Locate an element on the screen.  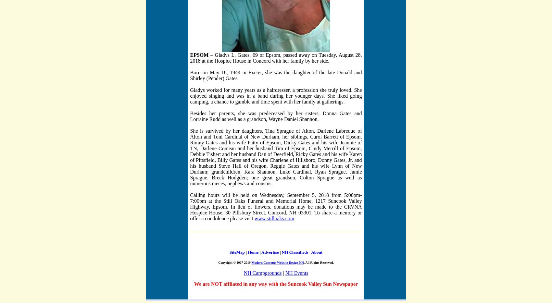
'EPSOM' is located at coordinates (199, 55).